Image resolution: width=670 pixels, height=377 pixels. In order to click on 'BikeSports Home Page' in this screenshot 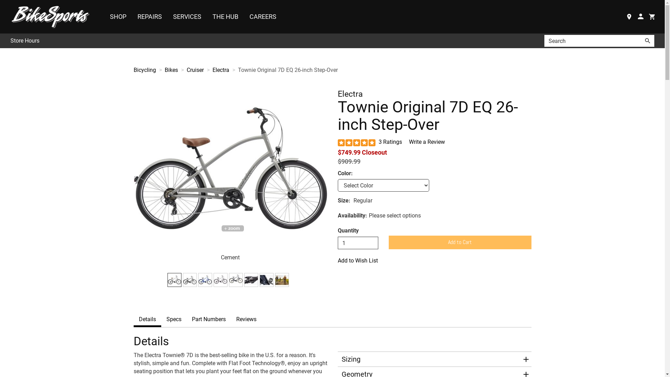, I will do `click(52, 16)`.